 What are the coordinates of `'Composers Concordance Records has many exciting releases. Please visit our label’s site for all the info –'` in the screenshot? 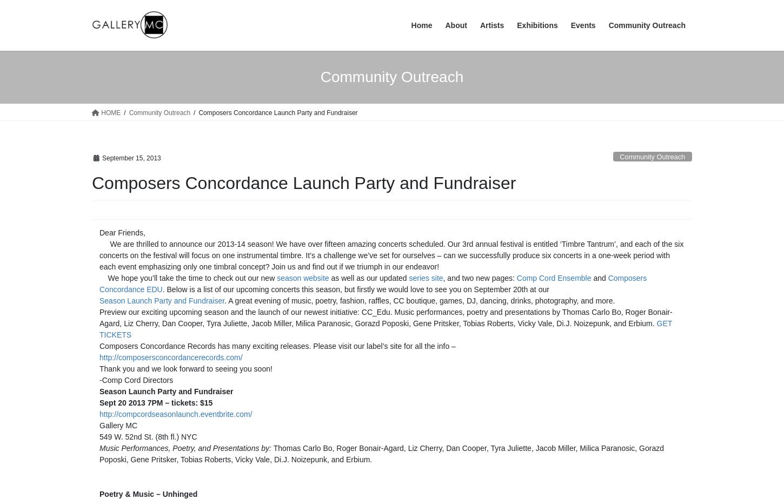 It's located at (277, 345).